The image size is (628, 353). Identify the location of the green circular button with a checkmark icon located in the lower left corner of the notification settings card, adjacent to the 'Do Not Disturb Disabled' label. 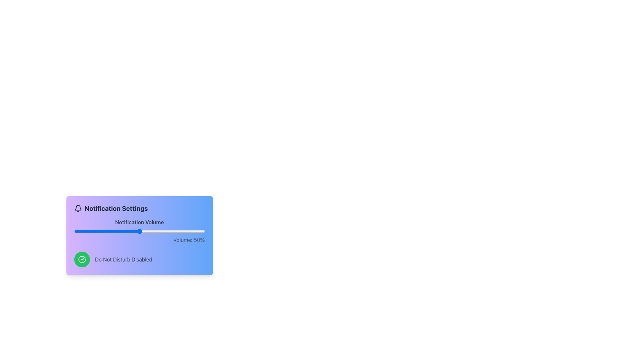
(81, 259).